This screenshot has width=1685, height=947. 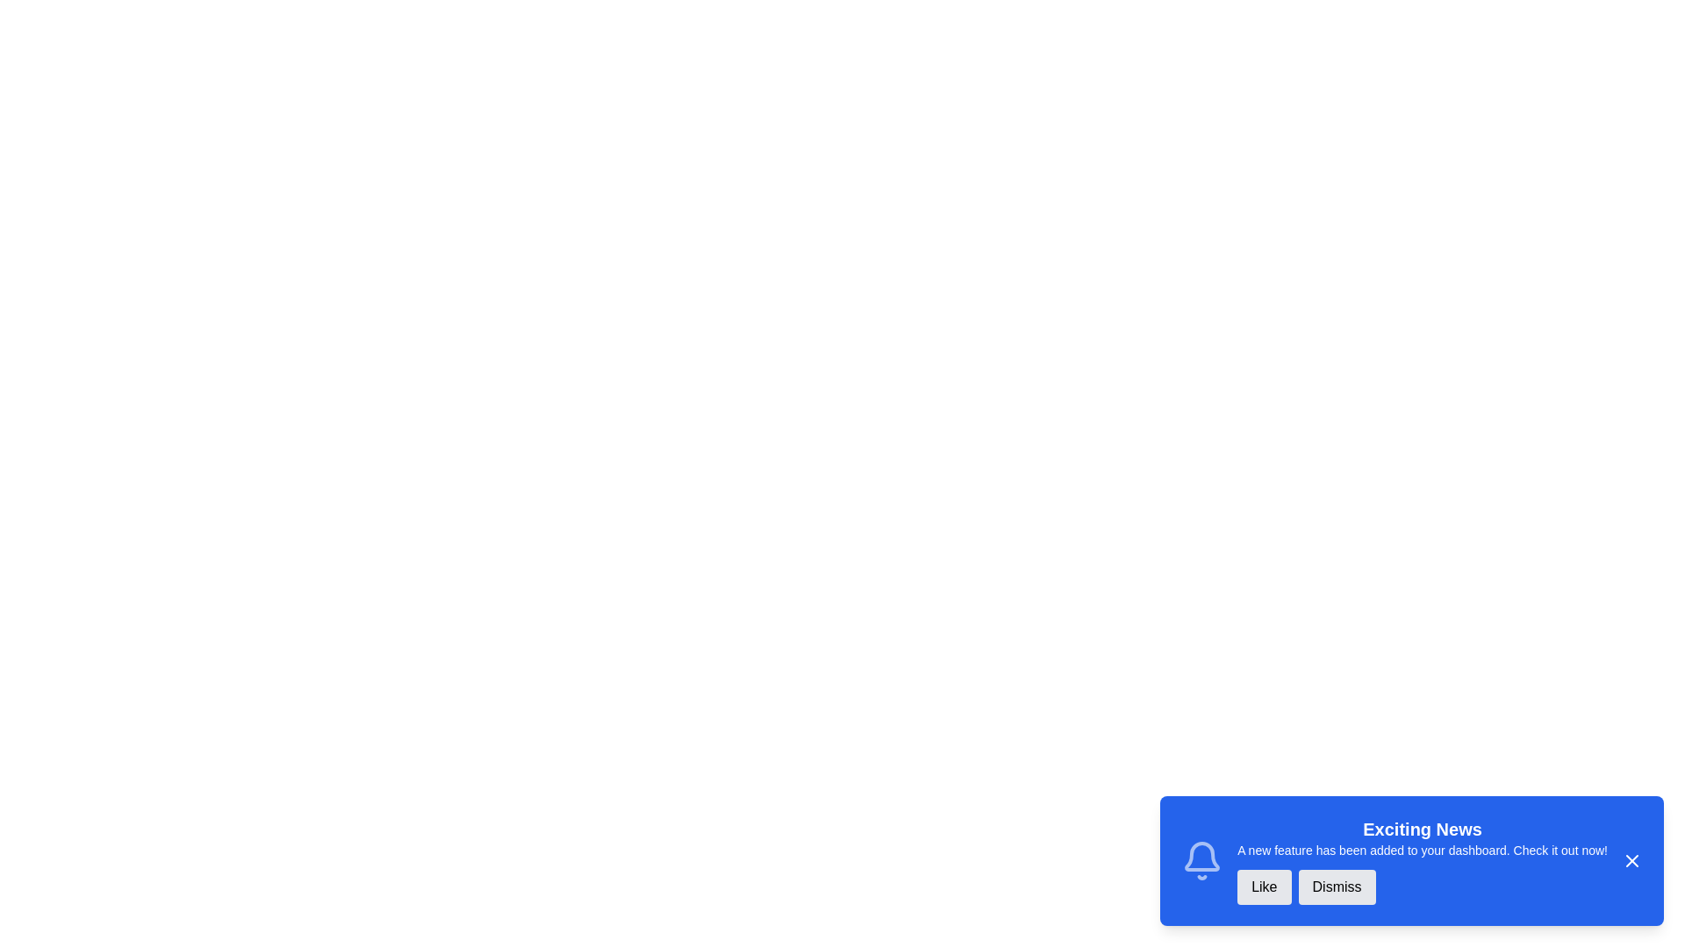 What do you see at coordinates (1336, 886) in the screenshot?
I see `'Dismiss' button to close the snackbar` at bounding box center [1336, 886].